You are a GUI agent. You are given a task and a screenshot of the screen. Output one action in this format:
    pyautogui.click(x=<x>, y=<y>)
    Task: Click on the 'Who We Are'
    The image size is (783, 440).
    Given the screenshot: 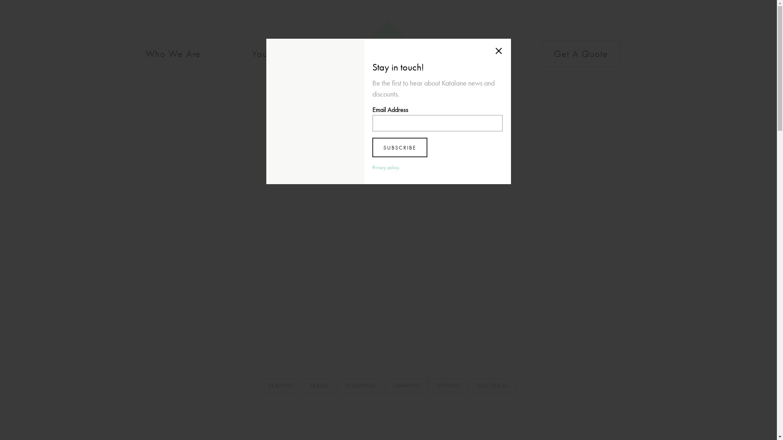 What is the action you would take?
    pyautogui.click(x=133, y=53)
    